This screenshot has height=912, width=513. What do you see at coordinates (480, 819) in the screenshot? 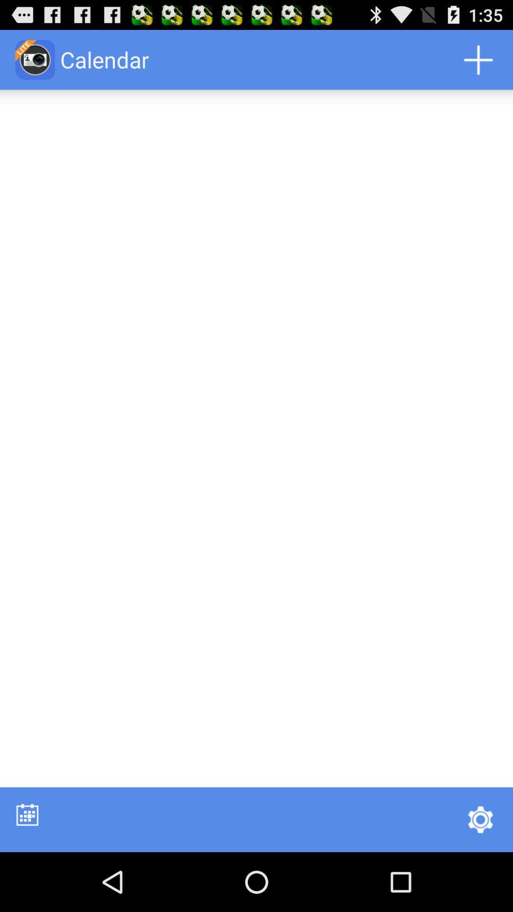
I see `icon at the bottom right corner` at bounding box center [480, 819].